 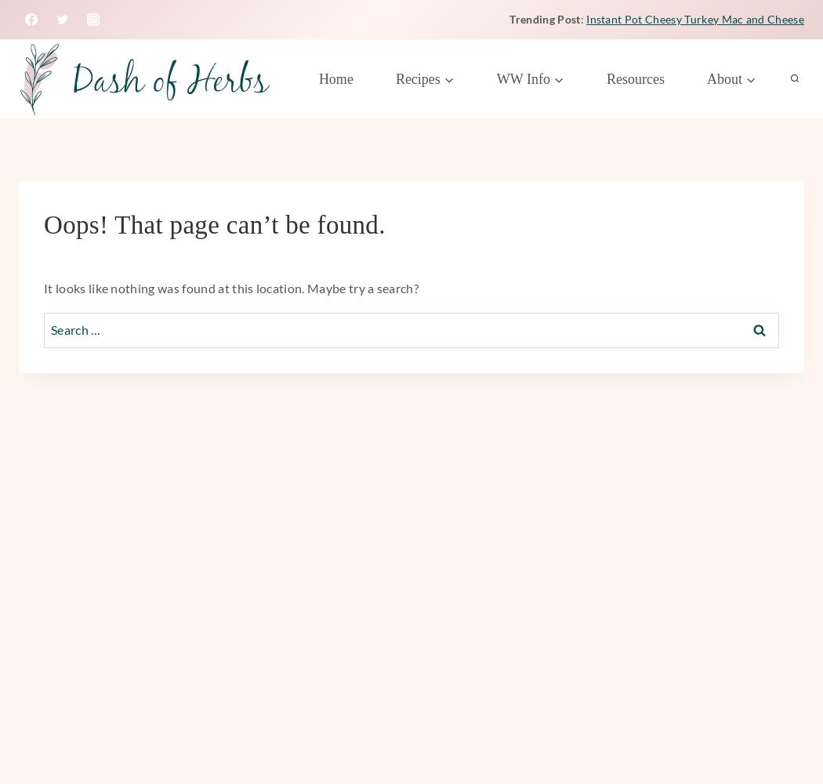 What do you see at coordinates (334, 78) in the screenshot?
I see `'Home'` at bounding box center [334, 78].